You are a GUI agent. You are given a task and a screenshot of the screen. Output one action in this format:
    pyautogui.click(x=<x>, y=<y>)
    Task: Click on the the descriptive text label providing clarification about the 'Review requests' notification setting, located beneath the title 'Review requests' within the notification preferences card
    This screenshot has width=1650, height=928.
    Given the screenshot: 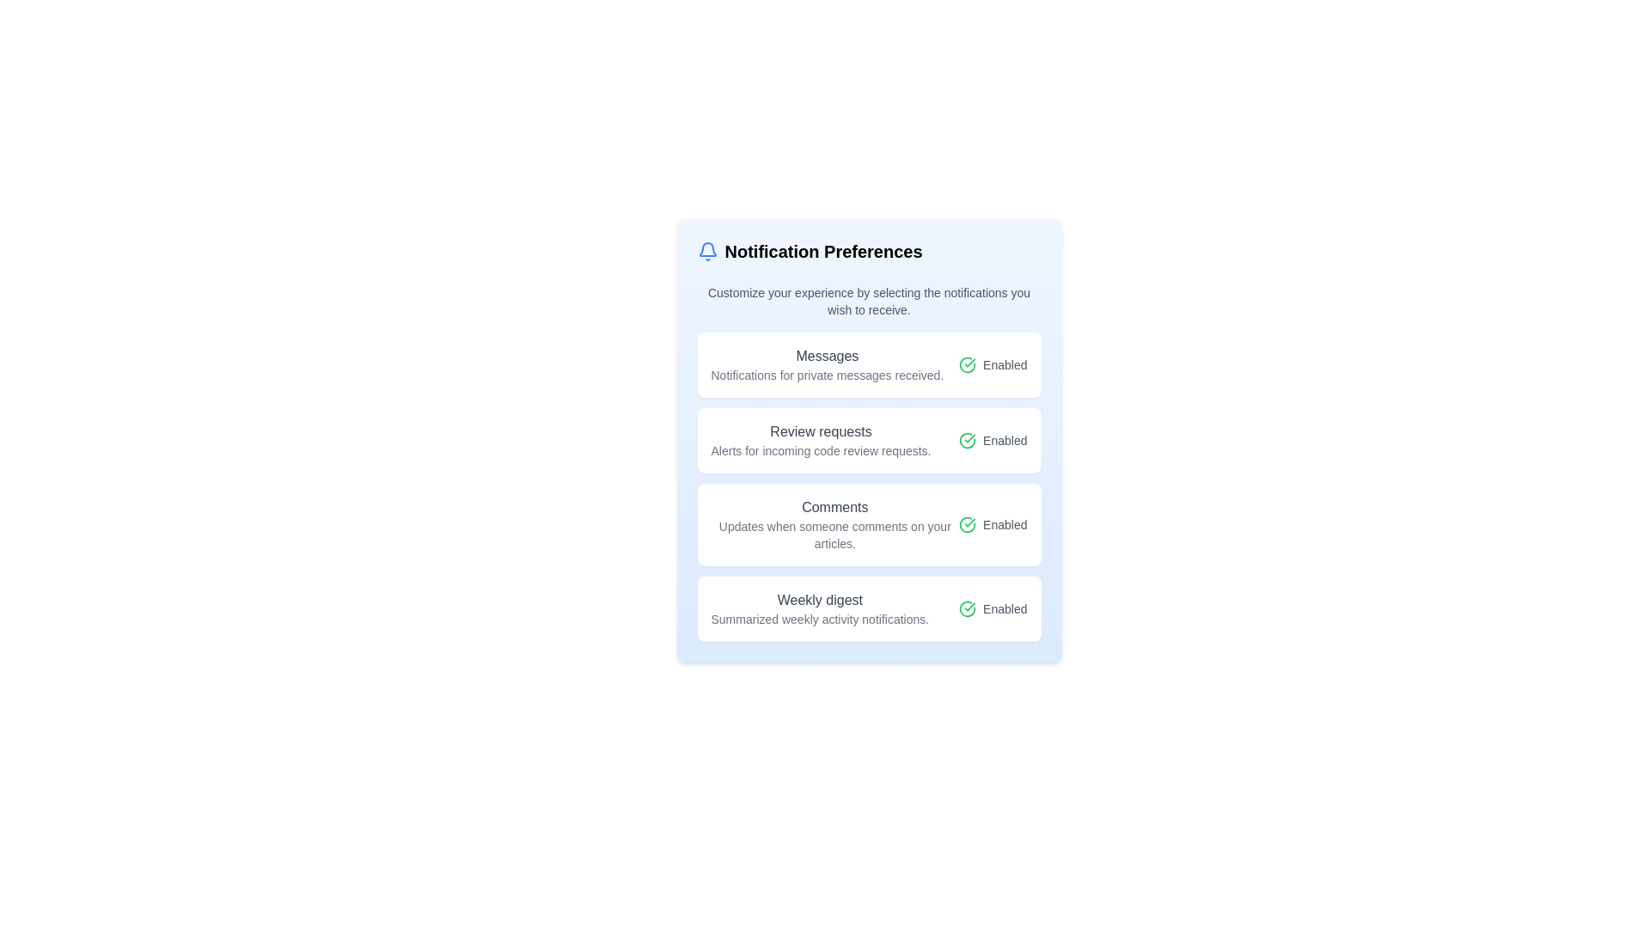 What is the action you would take?
    pyautogui.click(x=820, y=449)
    